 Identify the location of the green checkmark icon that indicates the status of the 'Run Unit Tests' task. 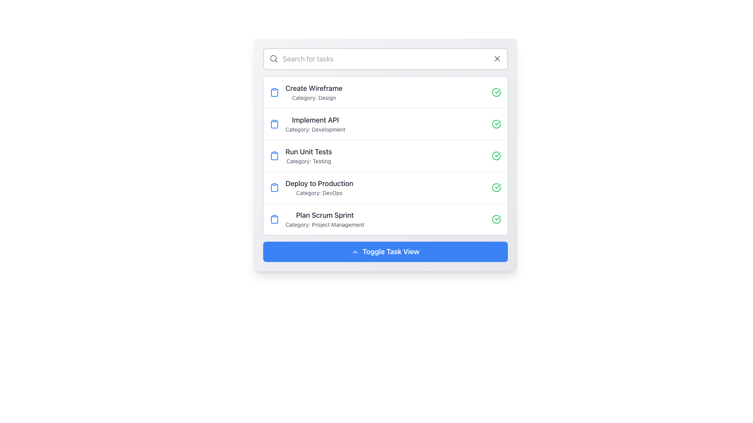
(497, 154).